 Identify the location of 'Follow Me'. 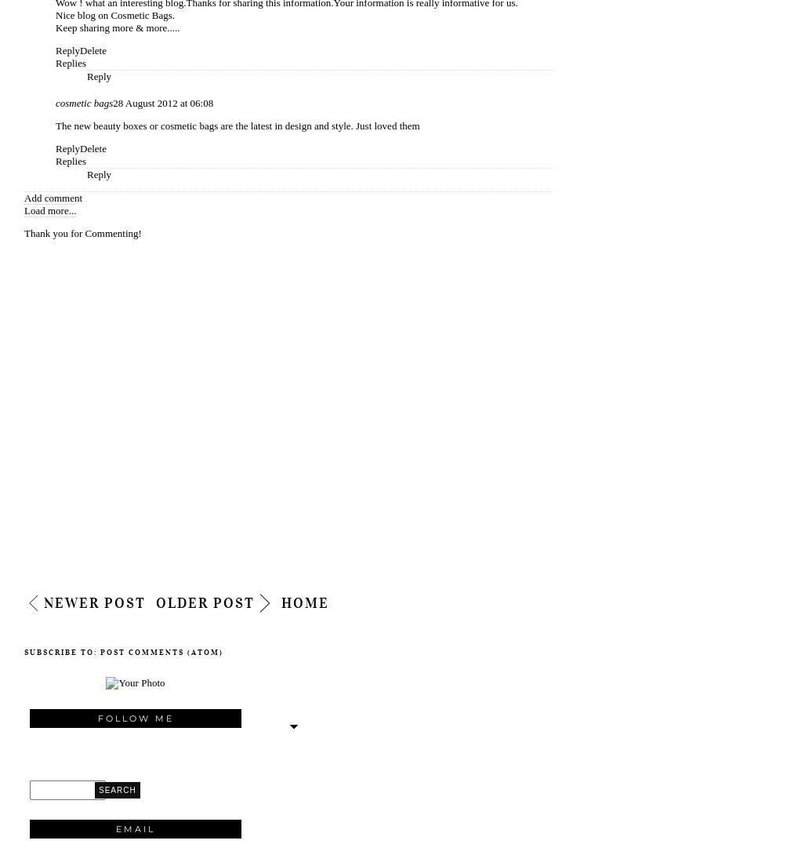
(135, 717).